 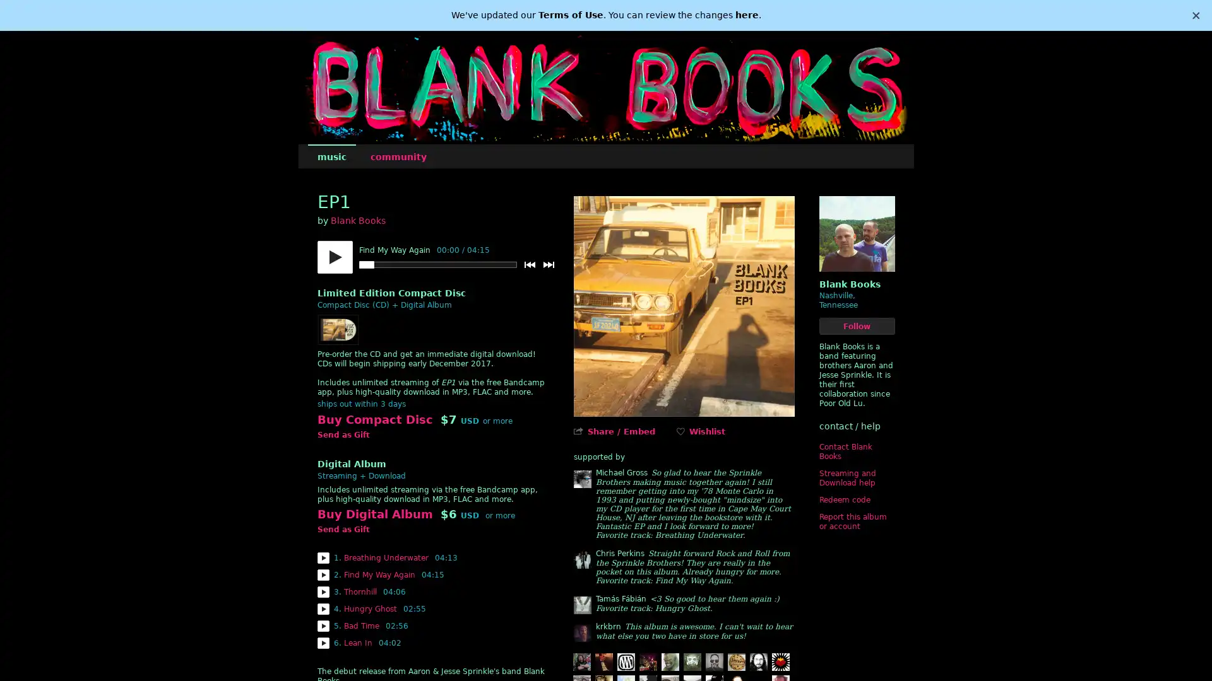 What do you see at coordinates (323, 591) in the screenshot?
I see `Play Thornhill` at bounding box center [323, 591].